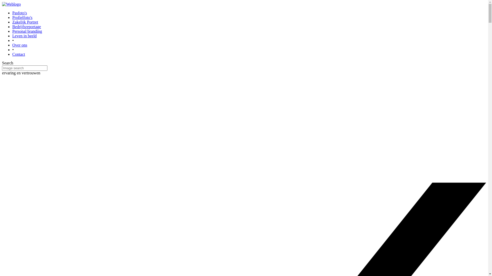  What do you see at coordinates (12, 27) in the screenshot?
I see `'Bedrijfsreportage'` at bounding box center [12, 27].